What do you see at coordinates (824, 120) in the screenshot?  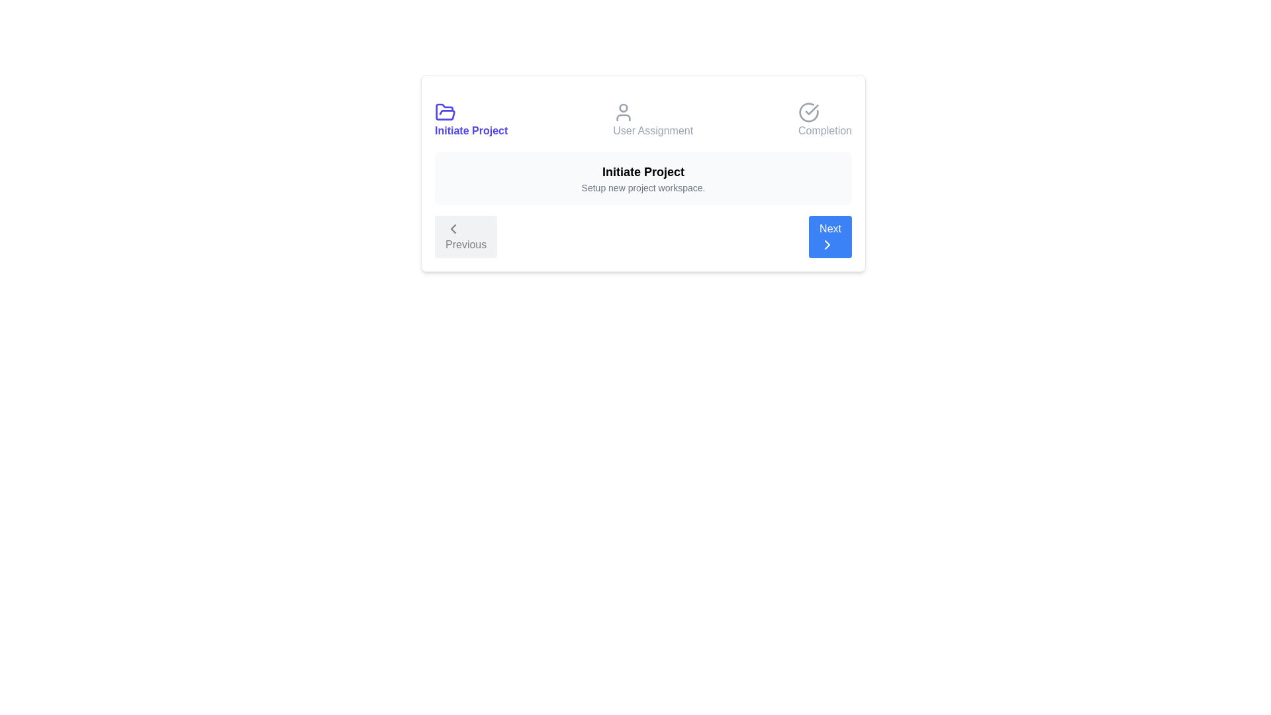 I see `the stage icon corresponding to Completion to highlight its details` at bounding box center [824, 120].